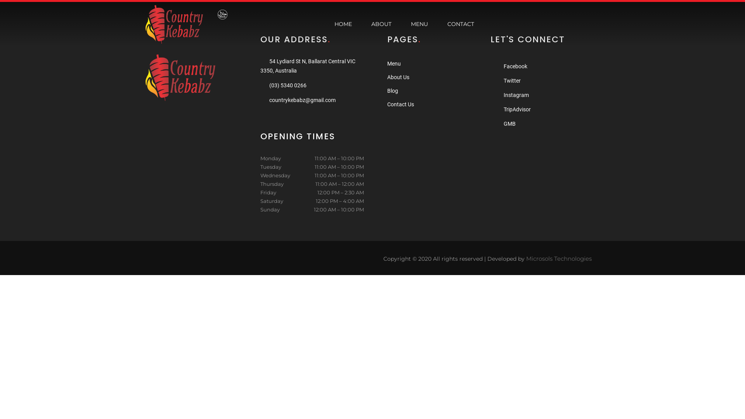  Describe the element at coordinates (269, 100) in the screenshot. I see `'countrykebabz@gmail.com'` at that location.